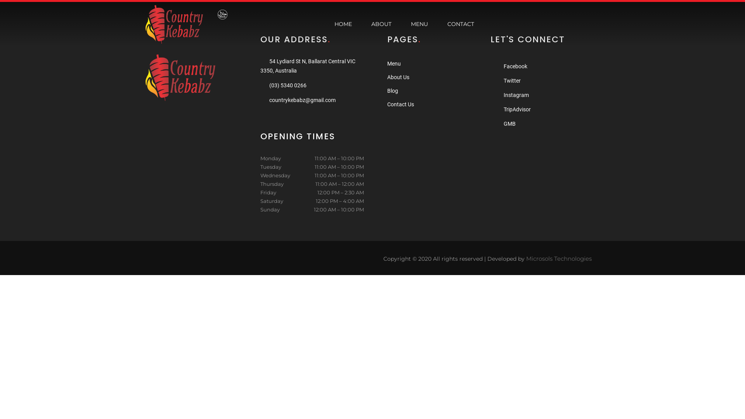  Describe the element at coordinates (269, 100) in the screenshot. I see `'countrykebabz@gmail.com'` at that location.